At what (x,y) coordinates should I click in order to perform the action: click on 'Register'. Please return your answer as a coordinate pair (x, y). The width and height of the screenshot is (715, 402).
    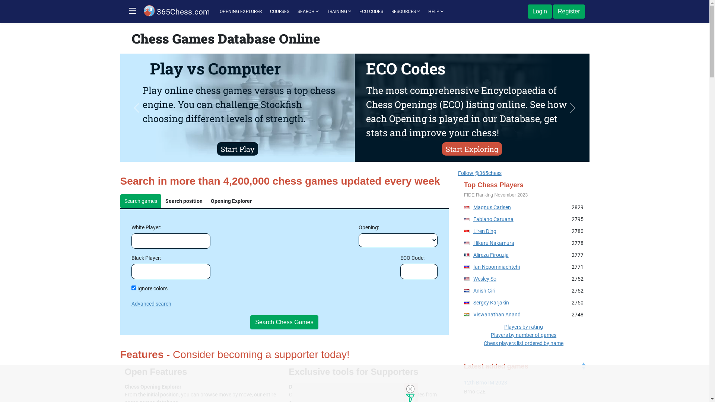
    Looking at the image, I should click on (553, 11).